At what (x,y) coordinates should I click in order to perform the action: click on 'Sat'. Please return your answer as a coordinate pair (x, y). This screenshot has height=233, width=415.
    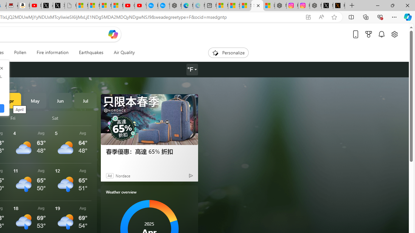
    Looking at the image, I should click on (72, 118).